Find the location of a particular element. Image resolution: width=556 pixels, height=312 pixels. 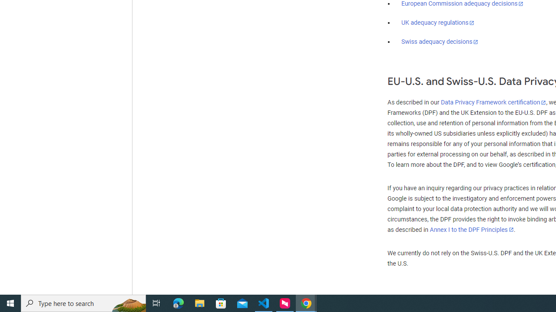

'UK adequacy regulations' is located at coordinates (438, 22).